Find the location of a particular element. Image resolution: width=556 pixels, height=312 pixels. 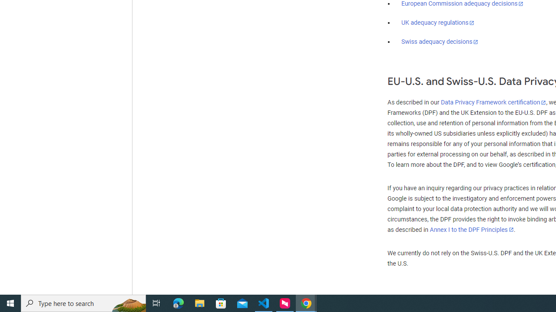

'UK adequacy regulations' is located at coordinates (438, 22).